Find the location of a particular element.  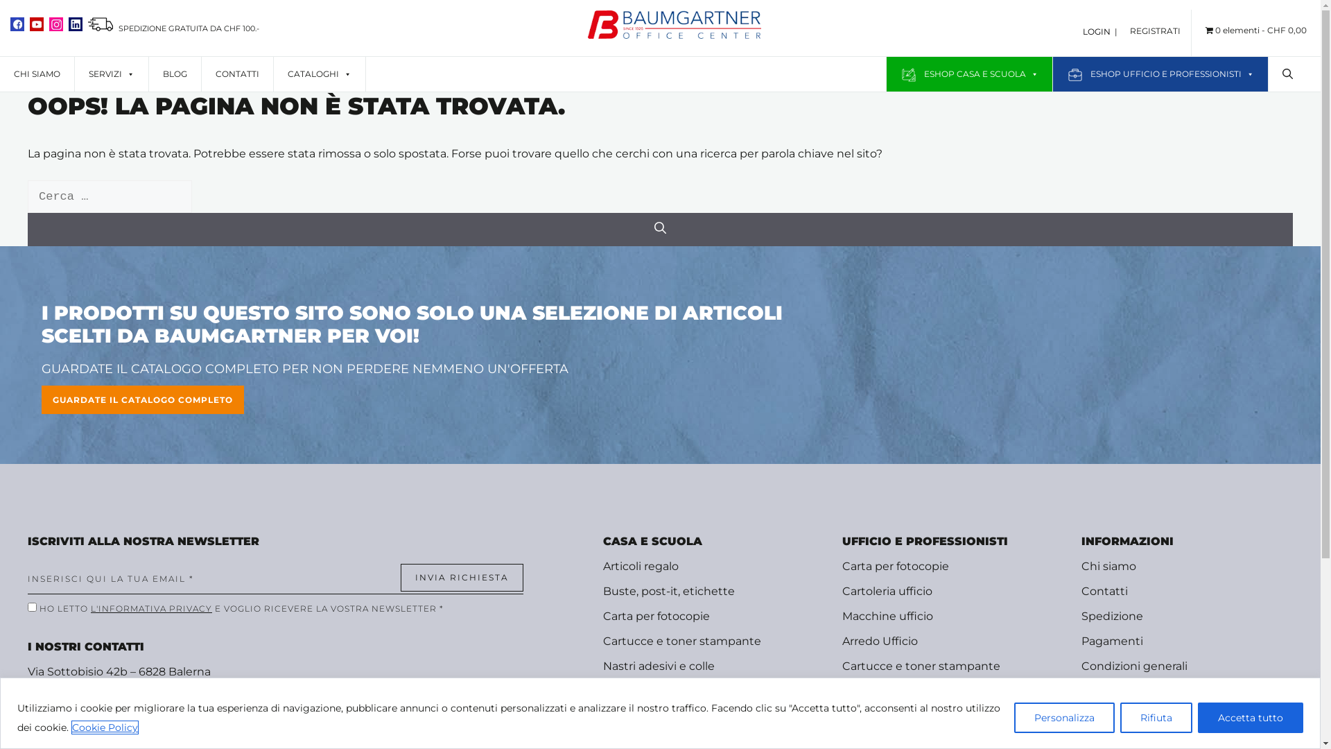

'CONTATTI' is located at coordinates (237, 74).